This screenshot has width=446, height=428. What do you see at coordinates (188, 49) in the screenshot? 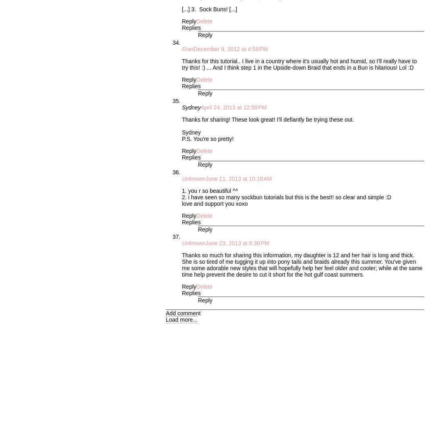
I see `'Fran'` at bounding box center [188, 49].